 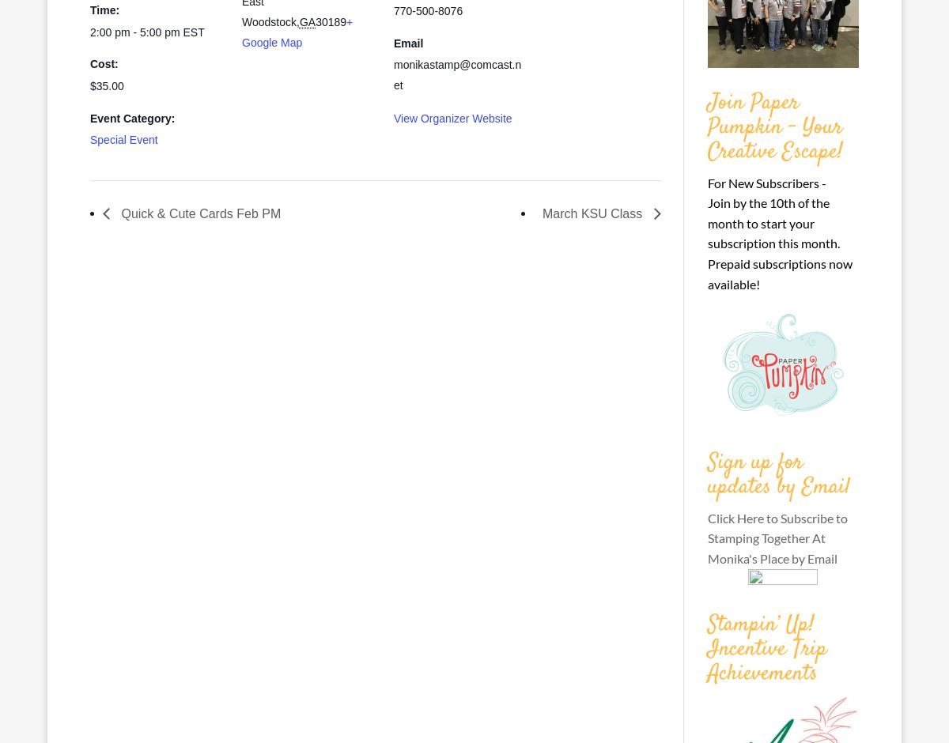 I want to click on 'Event Category:', so click(x=131, y=116).